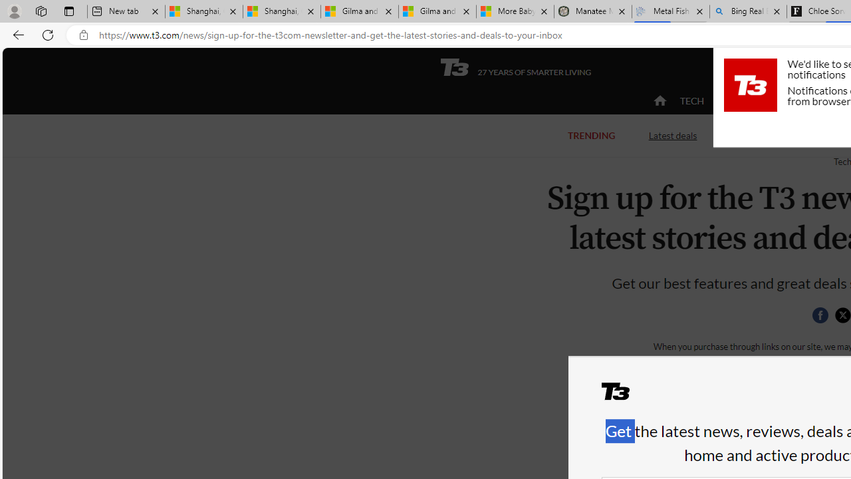  I want to click on 'T3 27 YEARS OF SMARTER LIVING', so click(515, 67).